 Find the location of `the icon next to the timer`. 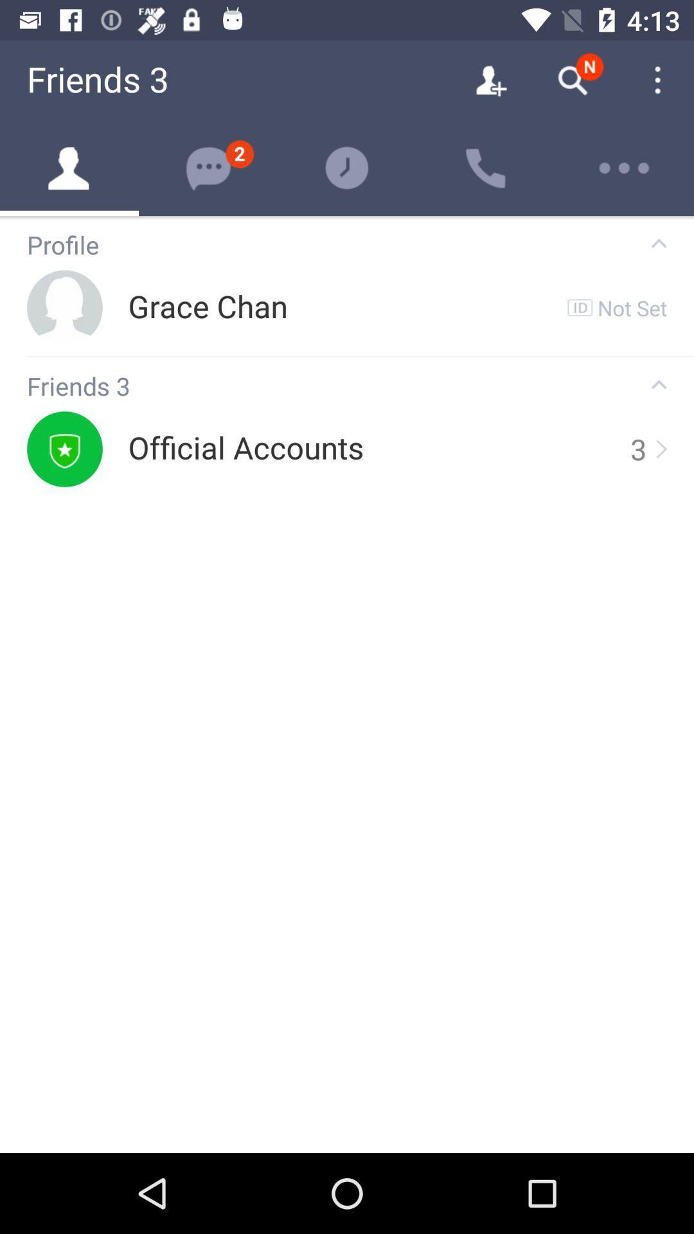

the icon next to the timer is located at coordinates (486, 168).